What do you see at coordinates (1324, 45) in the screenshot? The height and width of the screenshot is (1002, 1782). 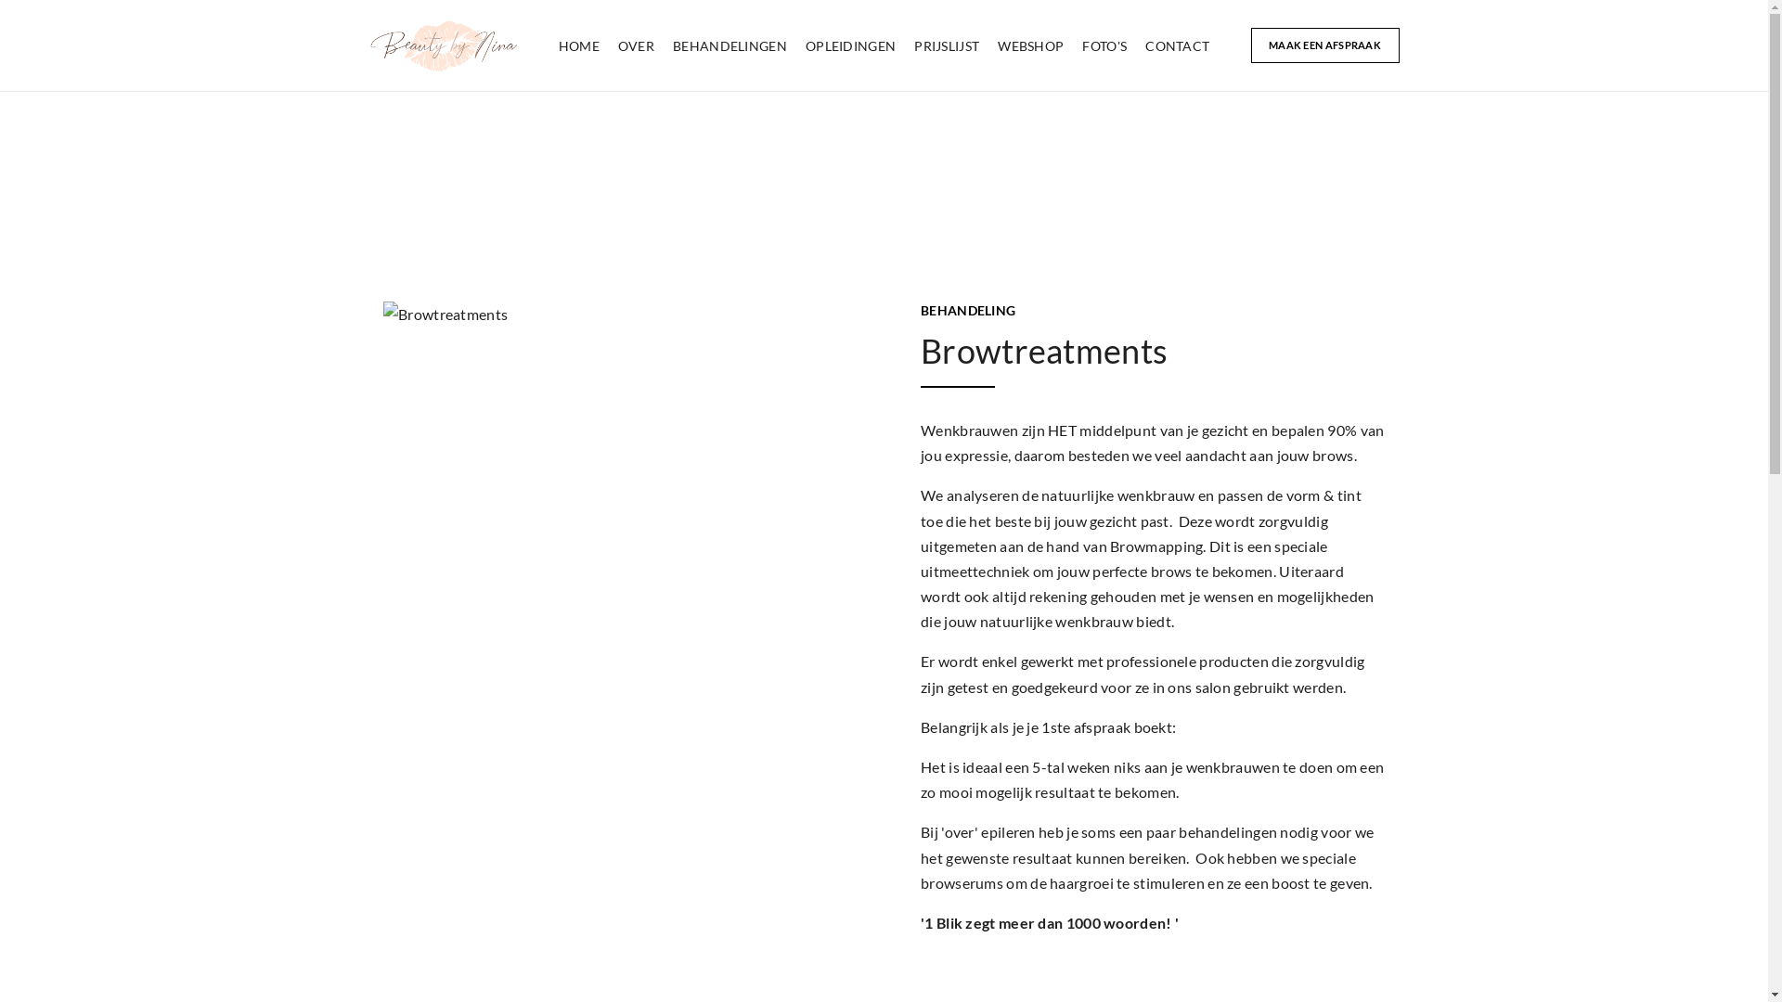 I see `'MAAK EEN AFSPRAAK'` at bounding box center [1324, 45].